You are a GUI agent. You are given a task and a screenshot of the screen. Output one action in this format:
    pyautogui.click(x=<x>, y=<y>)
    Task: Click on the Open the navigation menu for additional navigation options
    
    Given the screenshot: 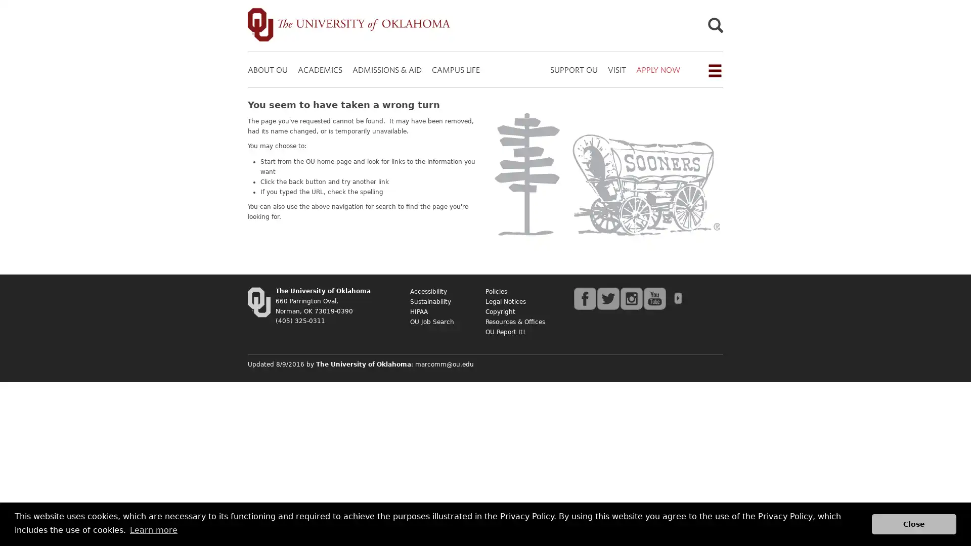 What is the action you would take?
    pyautogui.click(x=714, y=70)
    